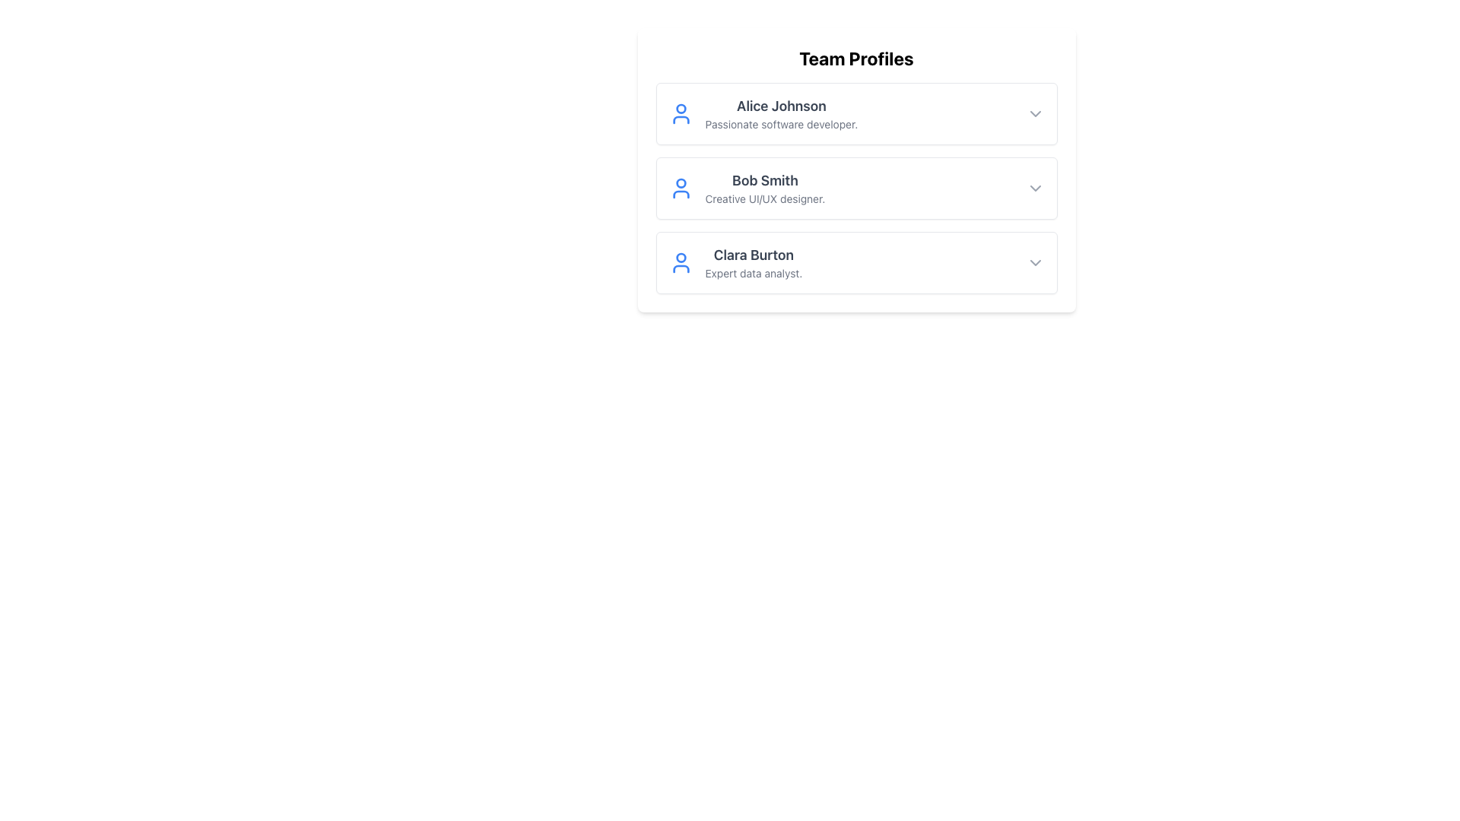 The image size is (1460, 821). Describe the element at coordinates (765, 198) in the screenshot. I see `static text label located directly below the name 'Bob Smith' in the second profile card, which indicates their professional role` at that location.